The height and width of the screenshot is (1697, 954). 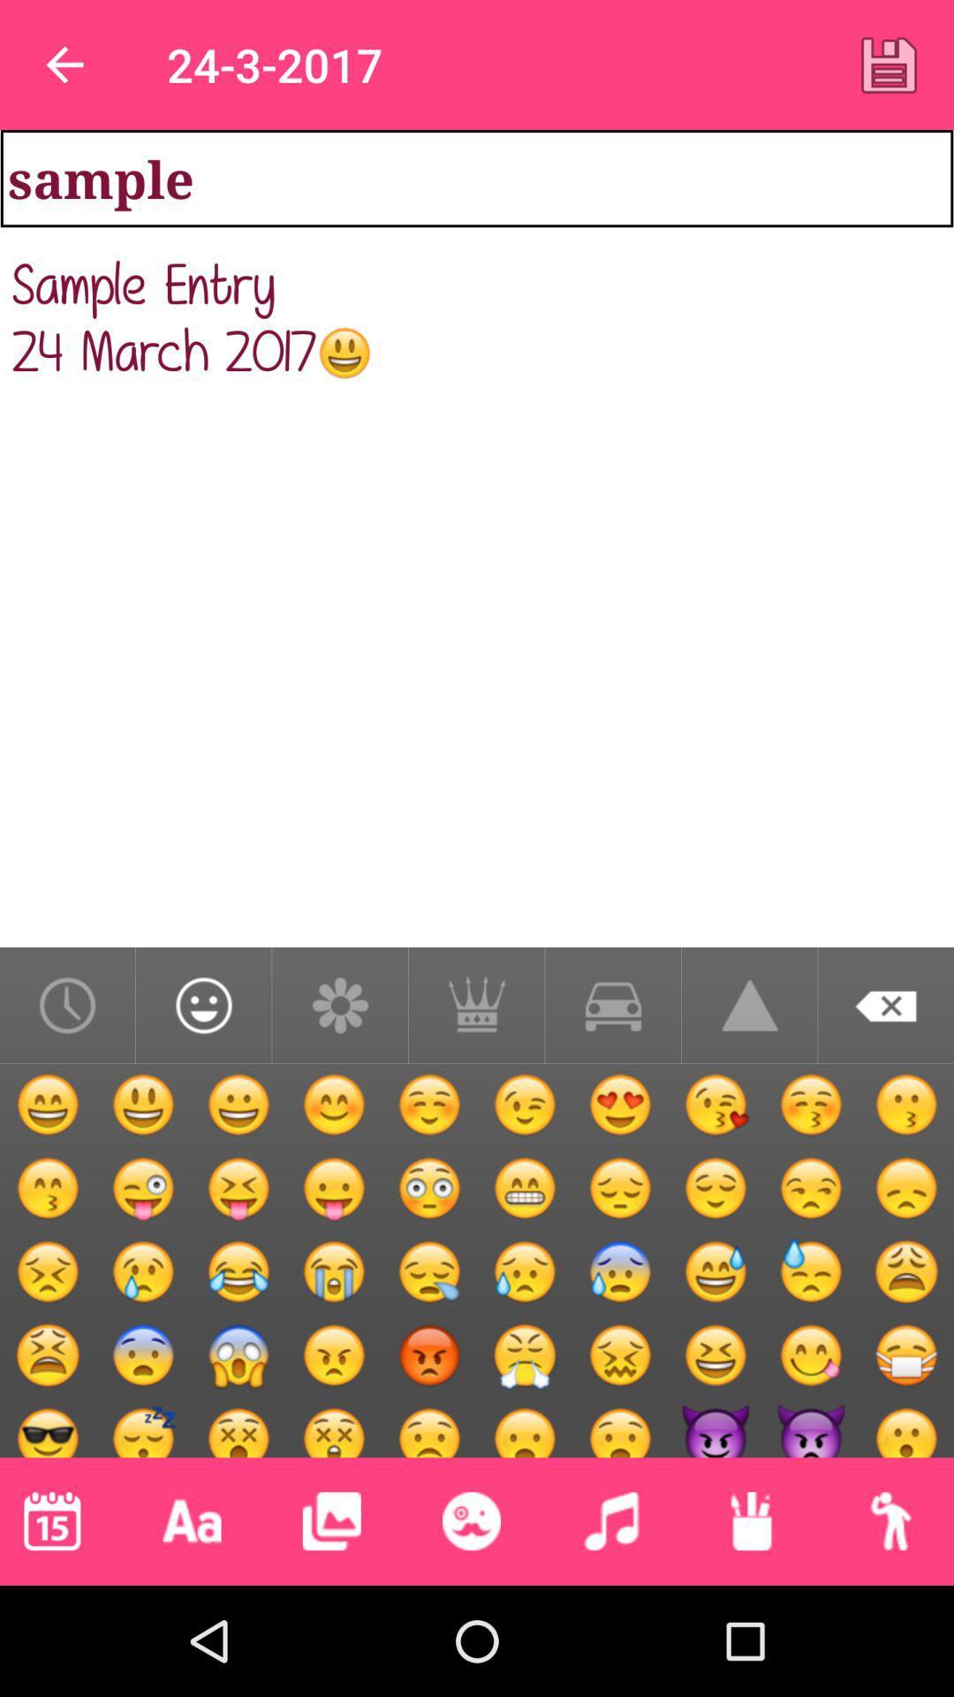 What do you see at coordinates (470, 1520) in the screenshot?
I see `the emoji icon` at bounding box center [470, 1520].